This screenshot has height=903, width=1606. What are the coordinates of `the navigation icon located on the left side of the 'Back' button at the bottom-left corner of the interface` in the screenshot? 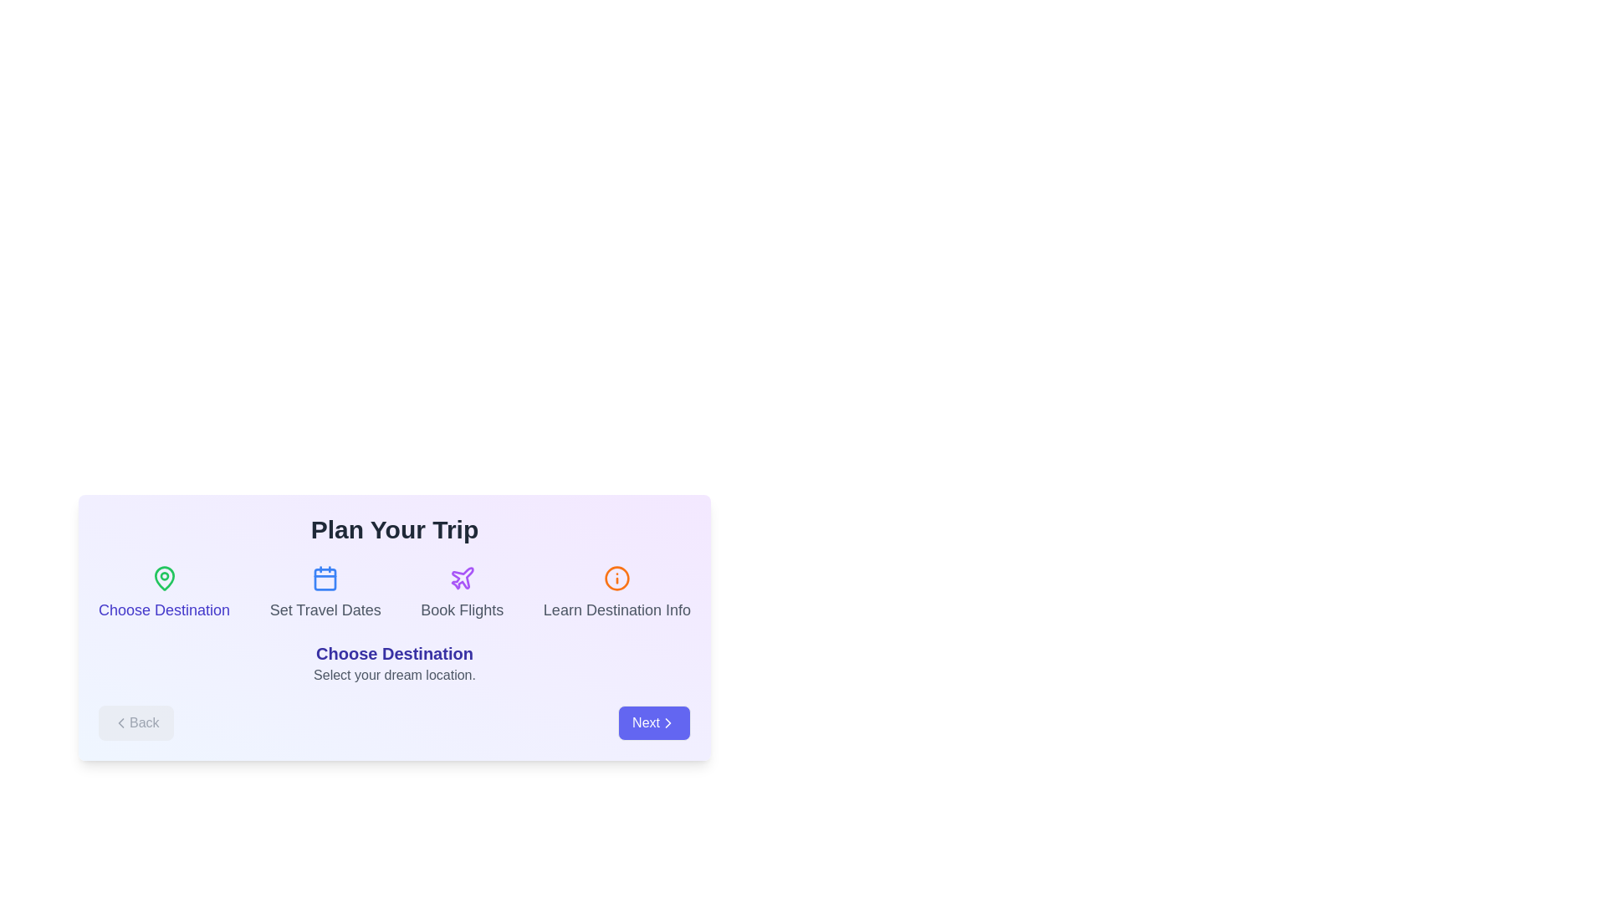 It's located at (120, 722).